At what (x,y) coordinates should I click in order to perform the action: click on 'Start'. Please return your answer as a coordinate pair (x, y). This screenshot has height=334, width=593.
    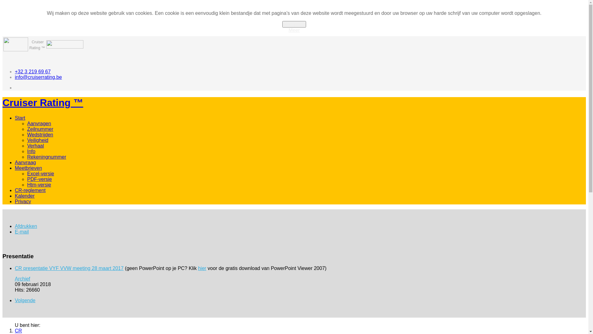
    Looking at the image, I should click on (20, 118).